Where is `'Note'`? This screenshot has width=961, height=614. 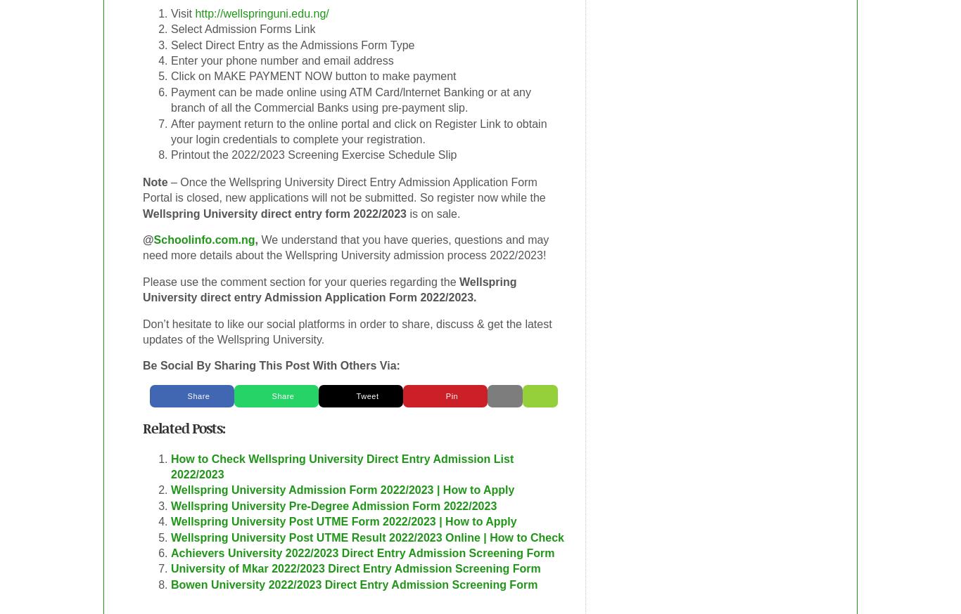 'Note' is located at coordinates (154, 181).